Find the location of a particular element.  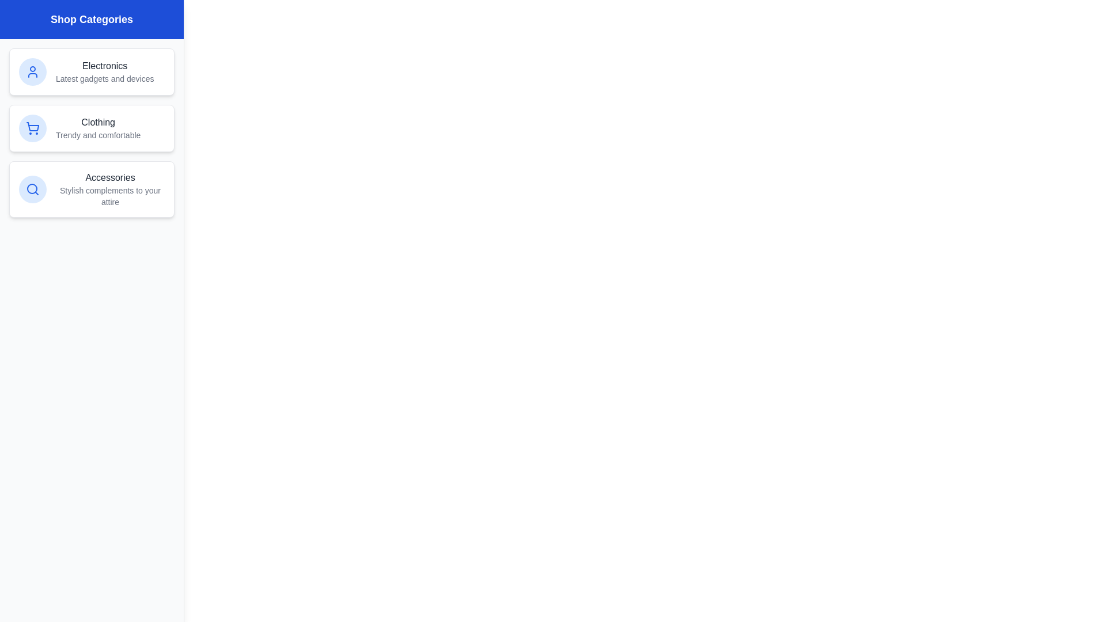

the header text 'Shop Categories' by clicking or hovering over it is located at coordinates (91, 20).